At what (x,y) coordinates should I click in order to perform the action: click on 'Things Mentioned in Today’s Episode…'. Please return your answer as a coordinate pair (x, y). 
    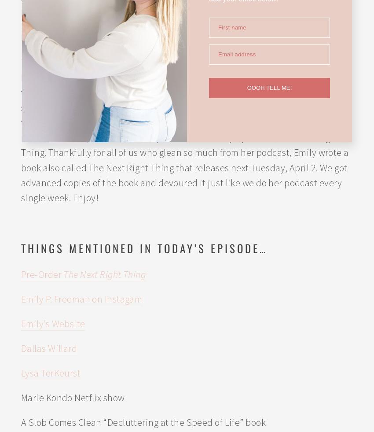
    Looking at the image, I should click on (144, 247).